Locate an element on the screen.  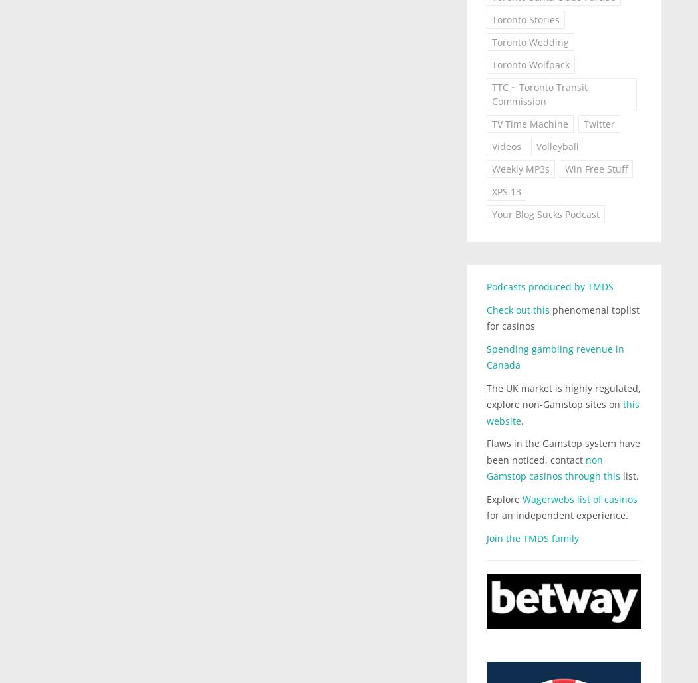
'Toronto Wedding' is located at coordinates (528, 42).